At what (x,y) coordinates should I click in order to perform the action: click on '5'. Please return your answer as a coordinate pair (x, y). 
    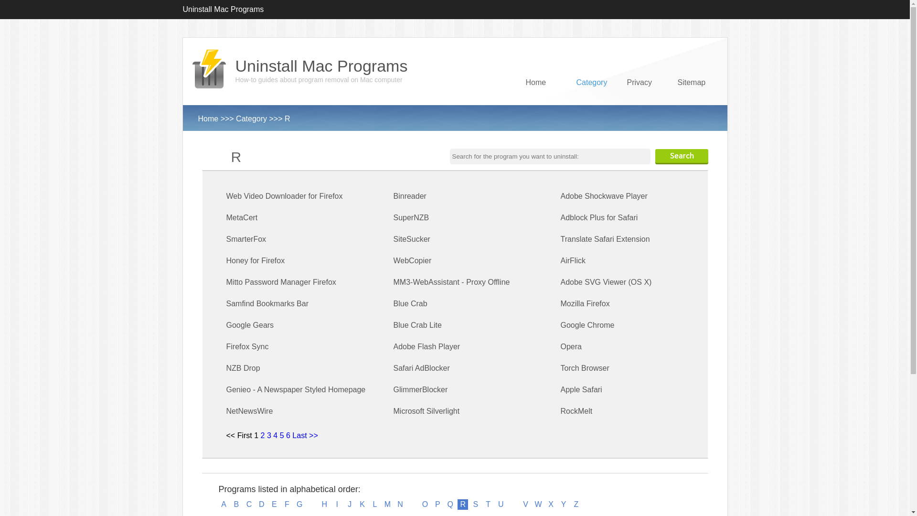
    Looking at the image, I should click on (281, 435).